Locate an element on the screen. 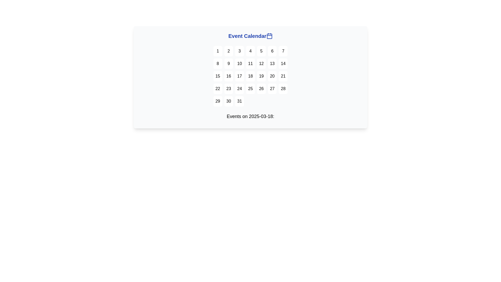 This screenshot has width=501, height=282. the Text label that serves as the title for the event calendar interface, located at the top of the main content area, aligned with a calendar icon to its right is located at coordinates (247, 36).